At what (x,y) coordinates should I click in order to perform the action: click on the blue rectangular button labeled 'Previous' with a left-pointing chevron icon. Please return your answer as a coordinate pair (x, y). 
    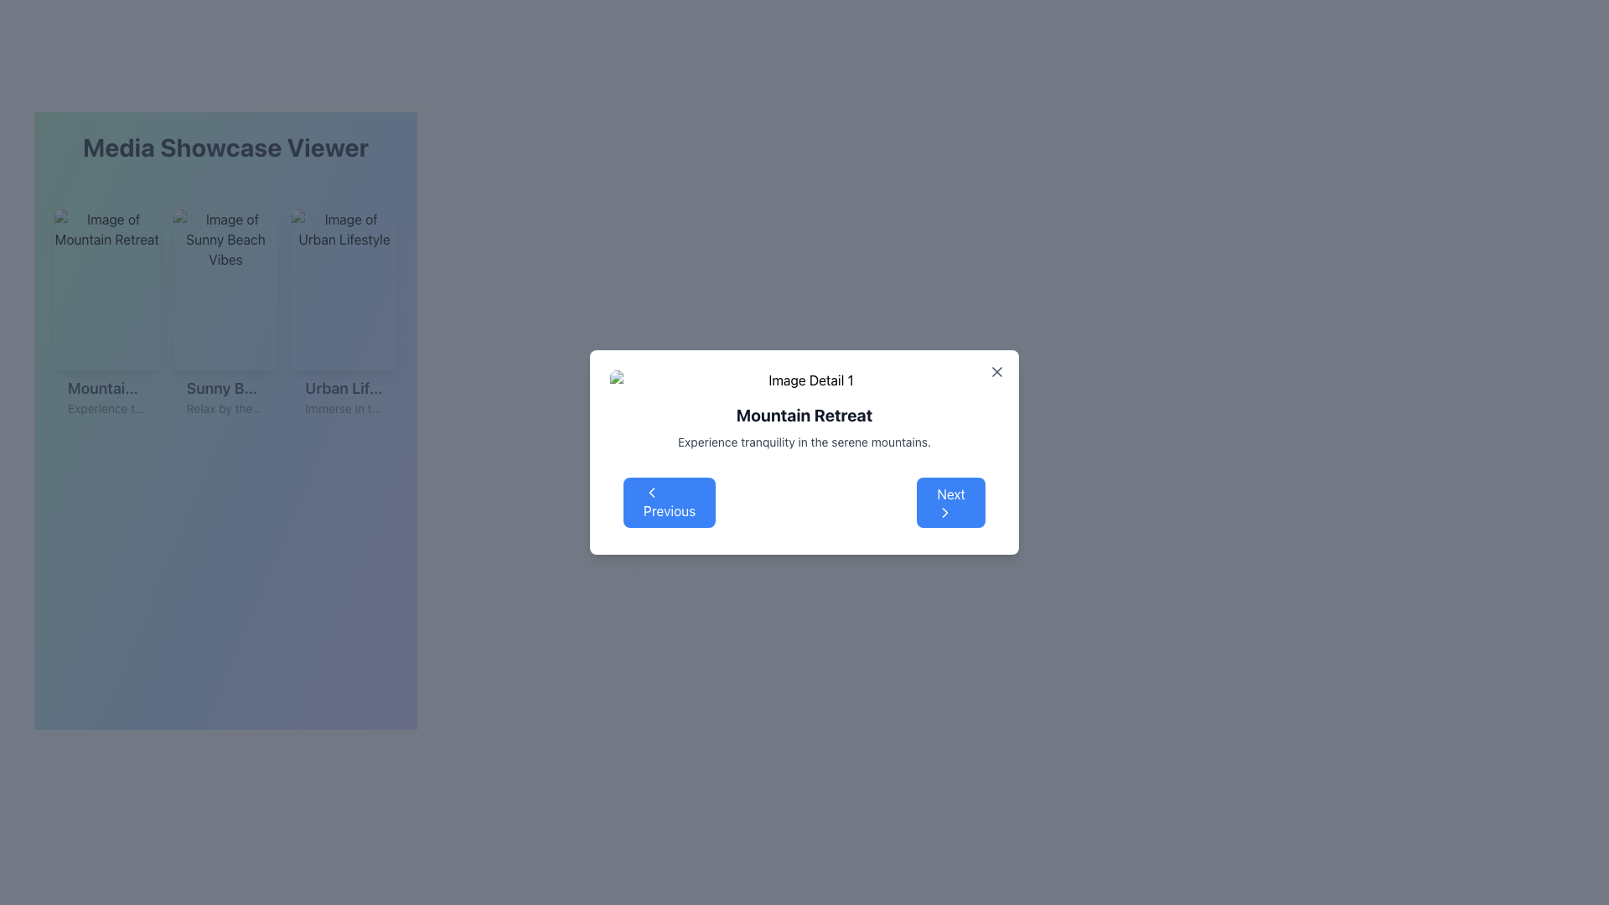
    Looking at the image, I should click on (669, 502).